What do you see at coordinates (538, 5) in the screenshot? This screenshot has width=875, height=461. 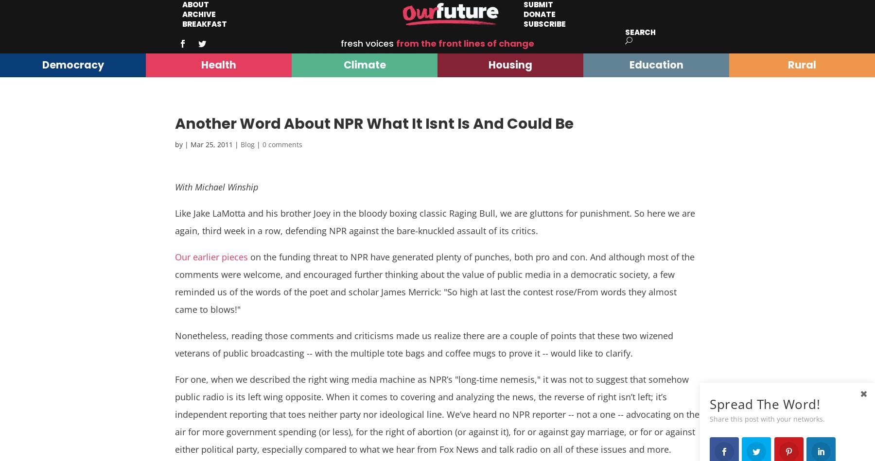 I see `'Submit'` at bounding box center [538, 5].